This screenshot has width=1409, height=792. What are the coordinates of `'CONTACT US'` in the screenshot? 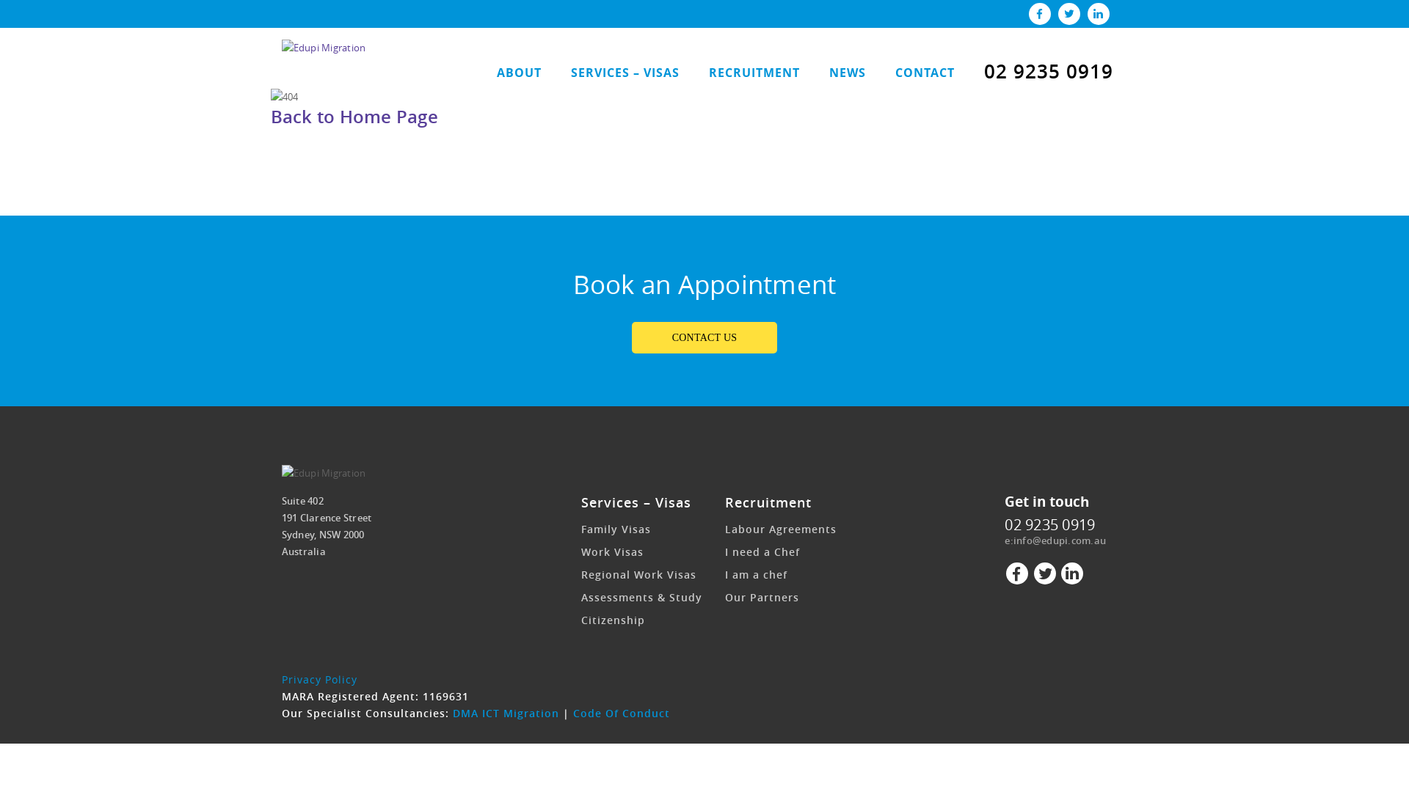 It's located at (704, 337).